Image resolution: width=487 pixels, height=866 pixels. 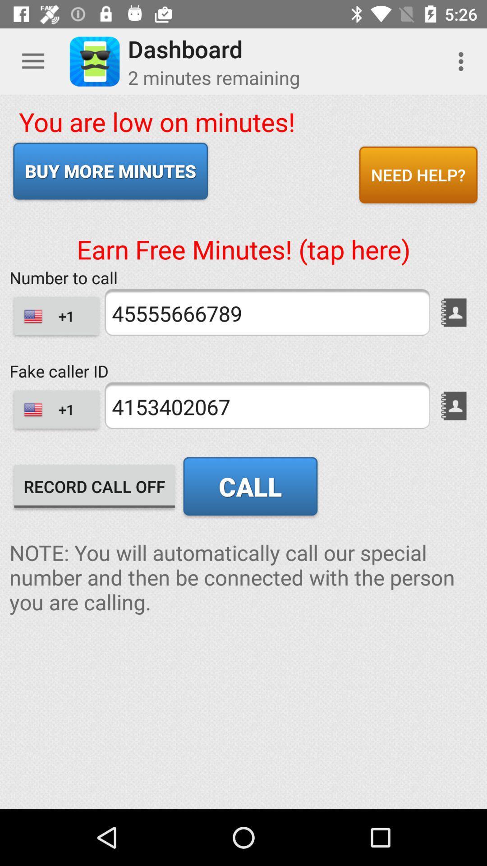 What do you see at coordinates (454, 405) in the screenshot?
I see `a phone number from your address book` at bounding box center [454, 405].